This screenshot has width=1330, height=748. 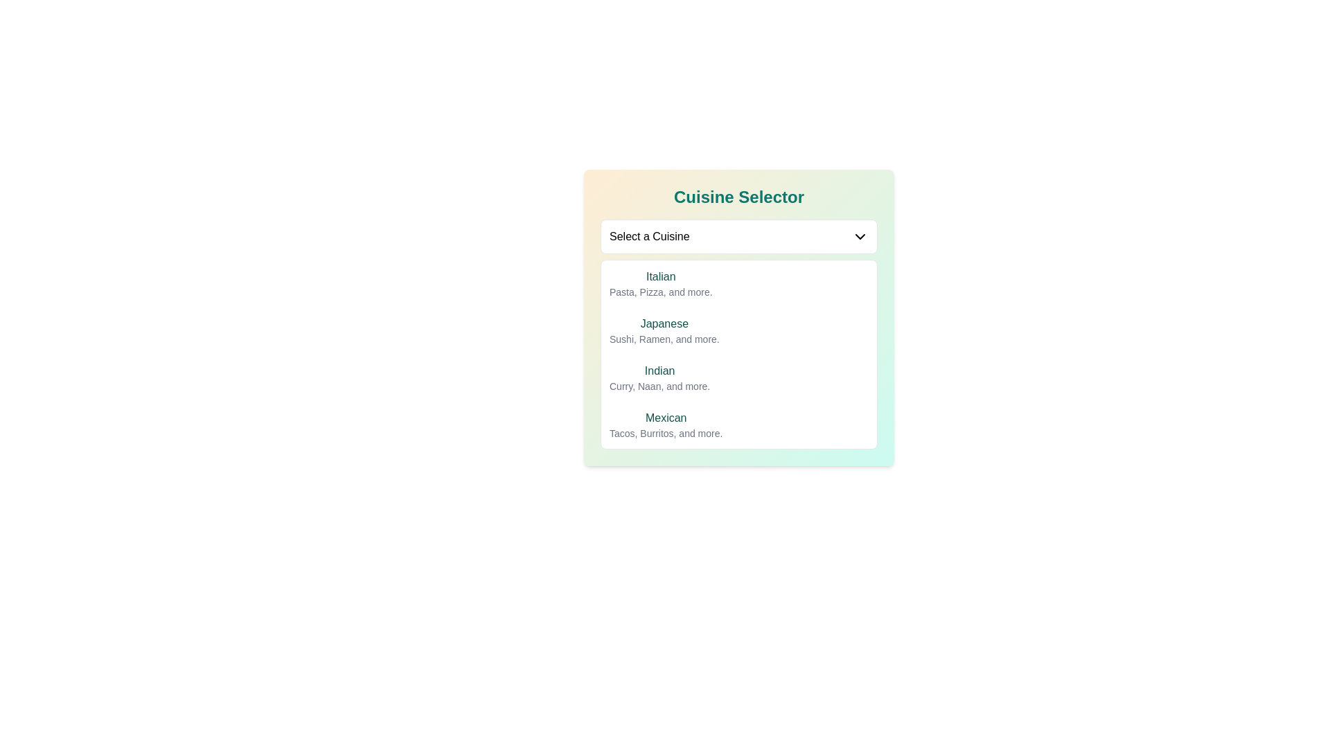 I want to click on the dropdown indicator icon located on the right side of the 'Select a Cuisine' button, so click(x=860, y=236).